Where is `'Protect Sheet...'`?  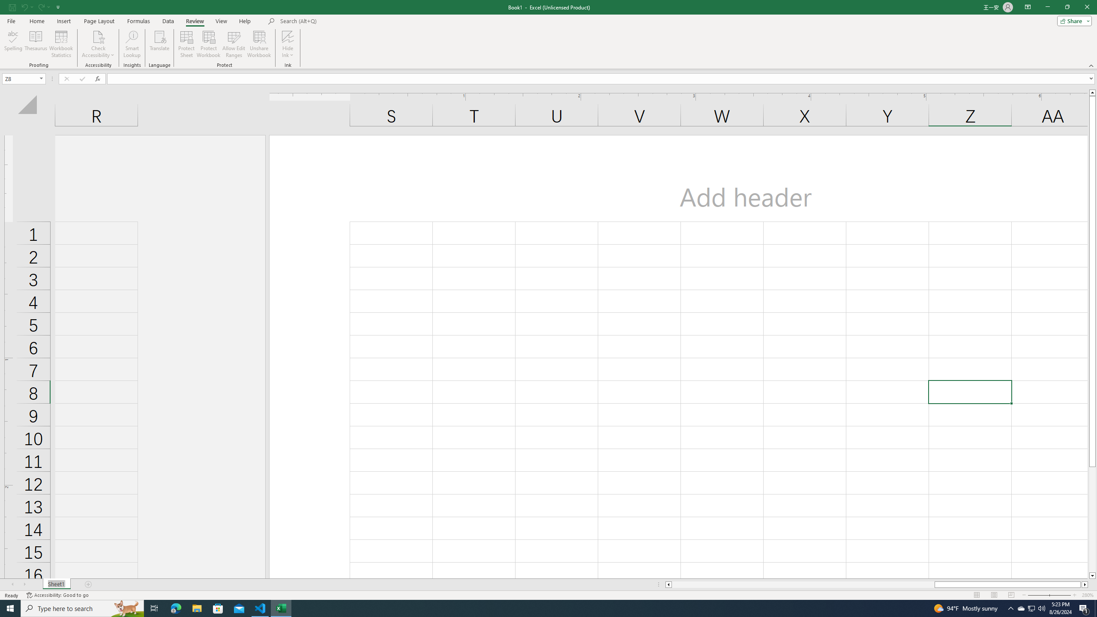 'Protect Sheet...' is located at coordinates (187, 44).